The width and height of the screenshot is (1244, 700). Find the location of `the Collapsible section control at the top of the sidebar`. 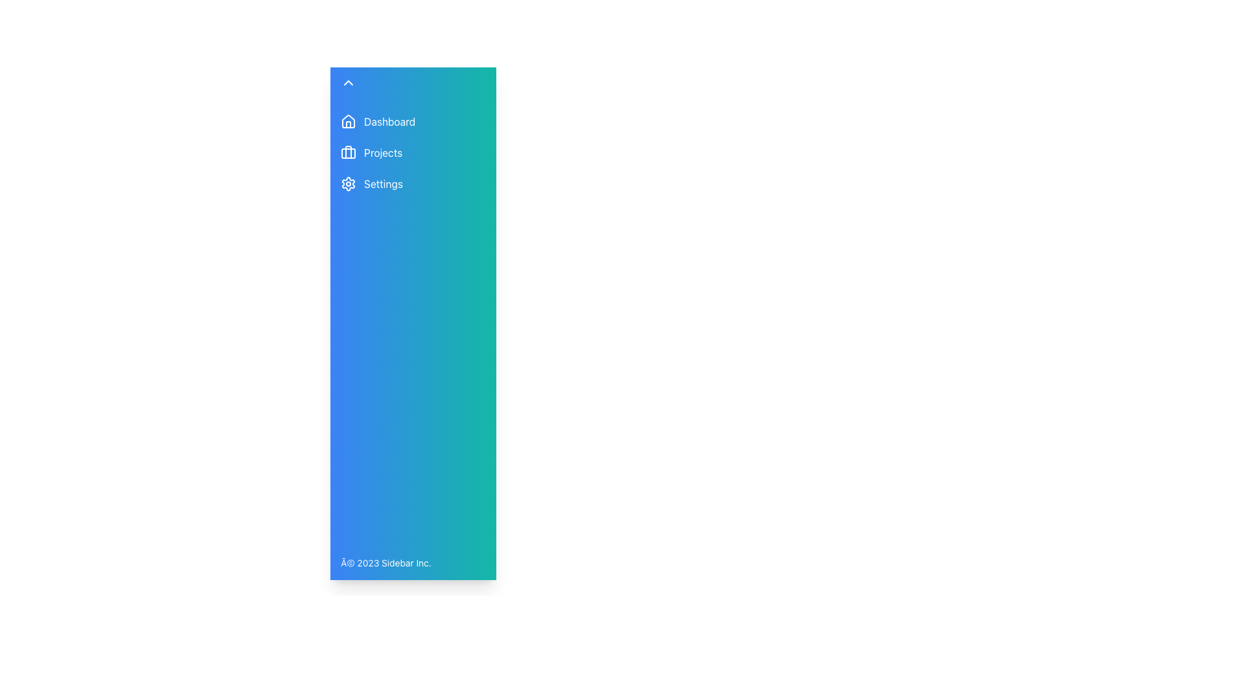

the Collapsible section control at the top of the sidebar is located at coordinates (385, 82).